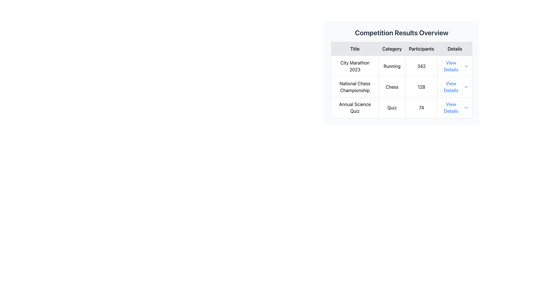 The height and width of the screenshot is (307, 546). What do you see at coordinates (401, 87) in the screenshot?
I see `the second row in the competition results table displaying 'National Chess Championship'` at bounding box center [401, 87].